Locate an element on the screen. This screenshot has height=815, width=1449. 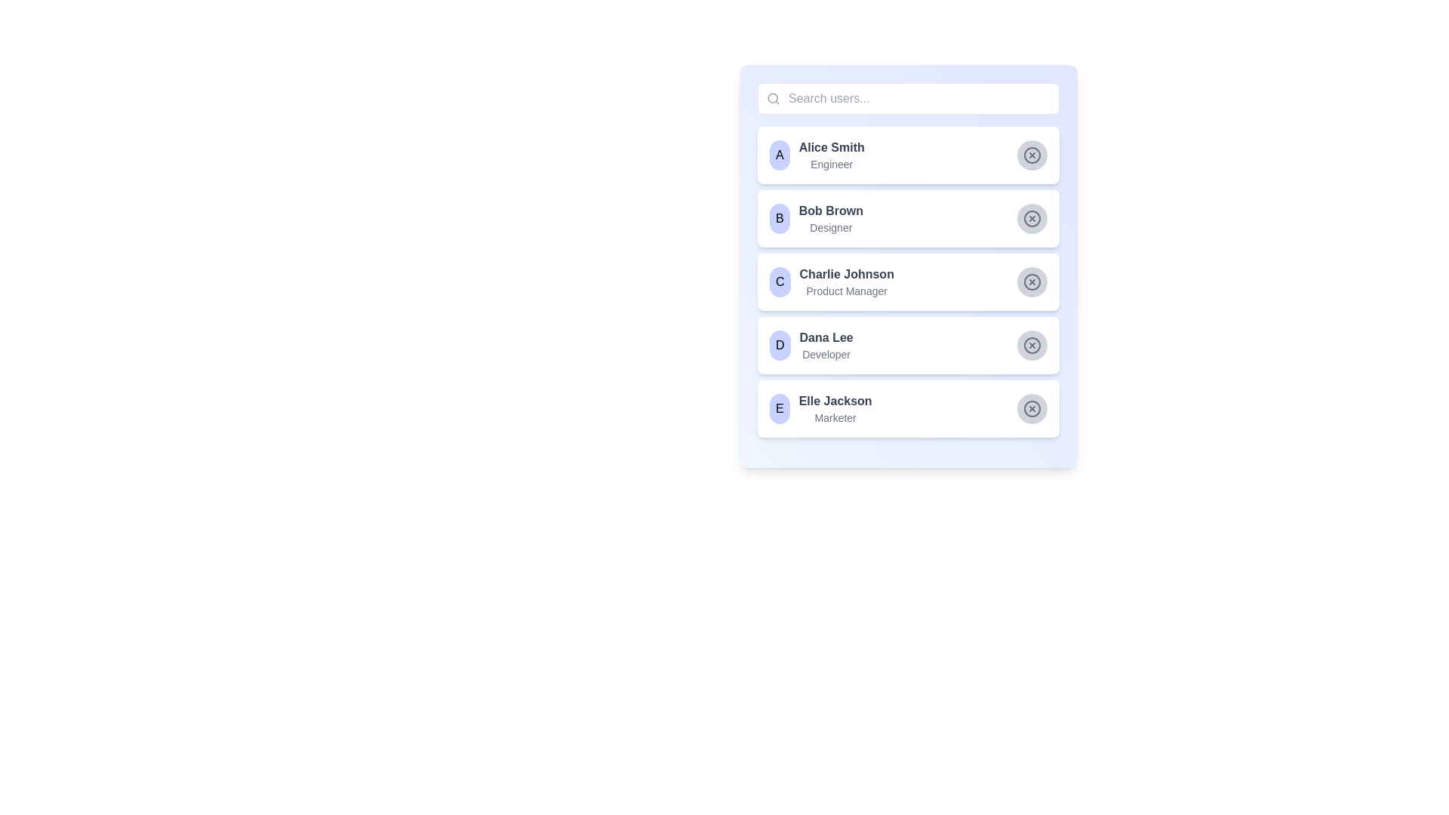
the text label displaying 'Product Manager' beneath 'Charlie Johnson' in the user profile card is located at coordinates (847, 291).